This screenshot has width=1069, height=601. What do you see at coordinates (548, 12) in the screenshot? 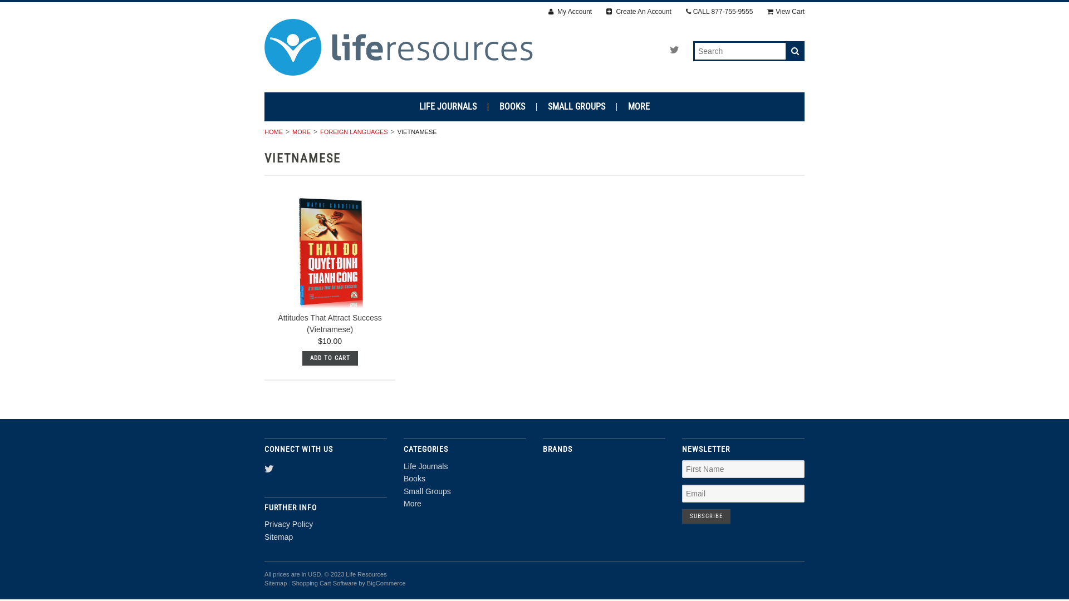
I see `'My Account'` at bounding box center [548, 12].